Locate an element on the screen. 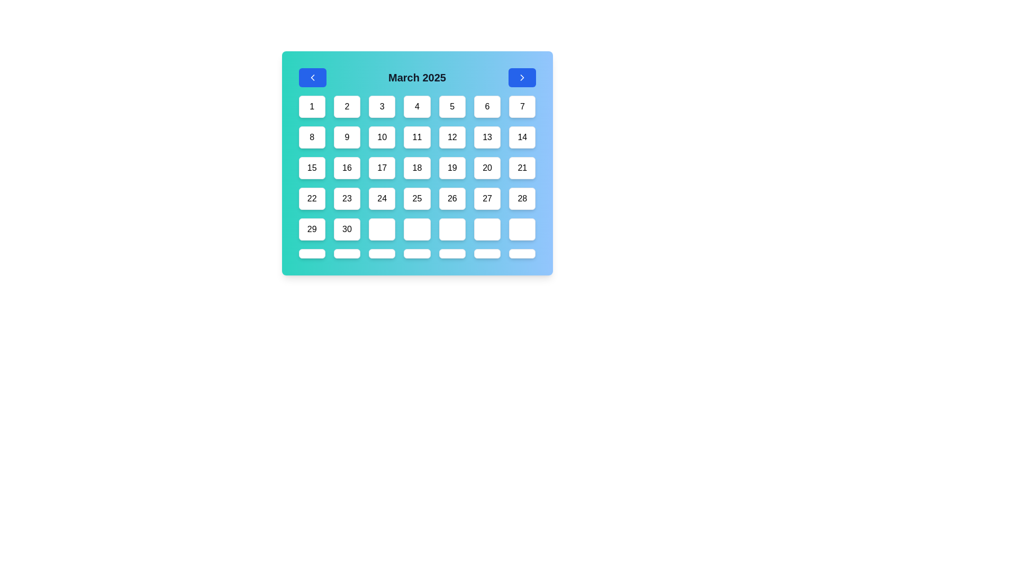  the calendar day button labeled '10' located in the second row and third column of the March 2025 calendar grid is located at coordinates (382, 136).